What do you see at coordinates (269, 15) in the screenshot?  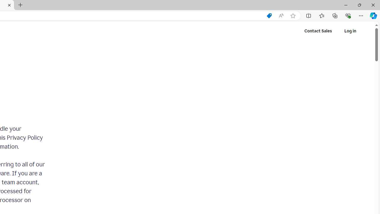 I see `'Shopping in Microsoft Edge'` at bounding box center [269, 15].